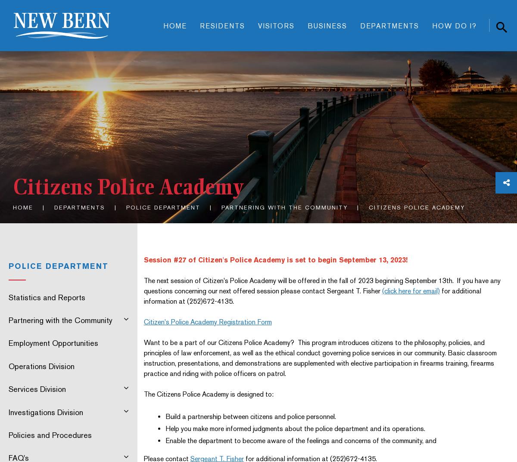 The image size is (517, 462). What do you see at coordinates (208, 394) in the screenshot?
I see `'The Citizens Police Academy is designed to:'` at bounding box center [208, 394].